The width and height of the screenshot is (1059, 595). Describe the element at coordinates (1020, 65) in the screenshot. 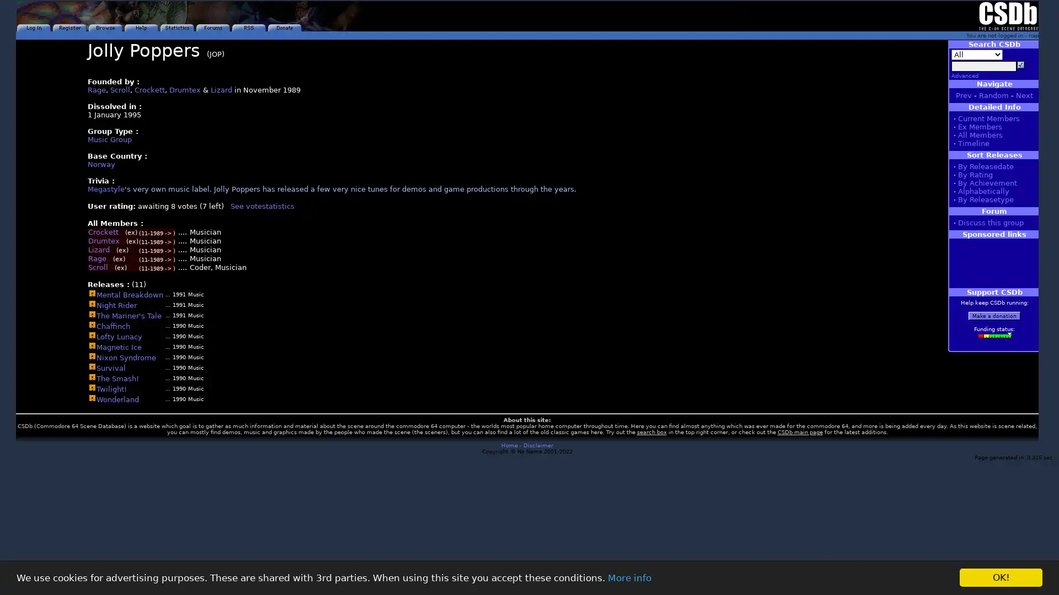

I see `Go` at that location.